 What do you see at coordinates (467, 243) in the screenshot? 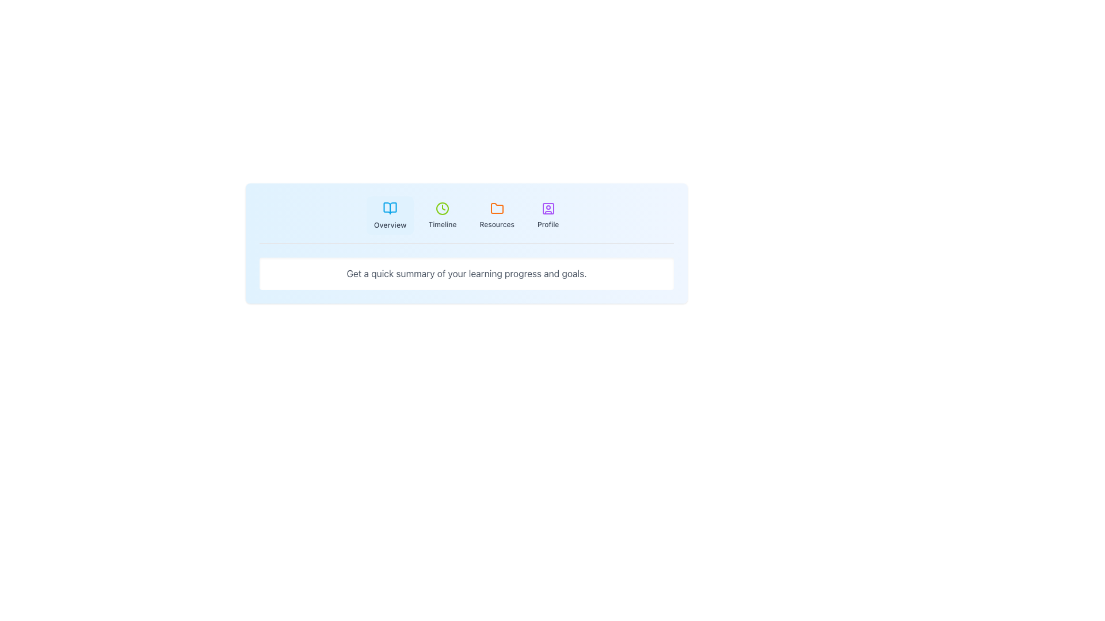
I see `the Informational Section that provides an overview of the user's learning progress and goals, located centrally below the menu options and above the content area` at bounding box center [467, 243].